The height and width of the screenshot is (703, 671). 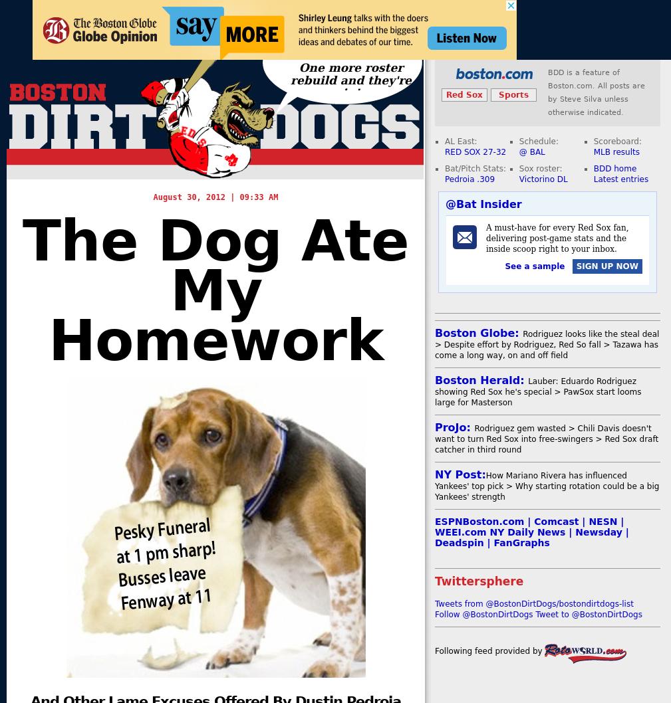 What do you see at coordinates (547, 486) in the screenshot?
I see `'How Mariano Rivera has influenced Yankees' top pick > Why starting rotation could be a big Yankees' strength'` at bounding box center [547, 486].